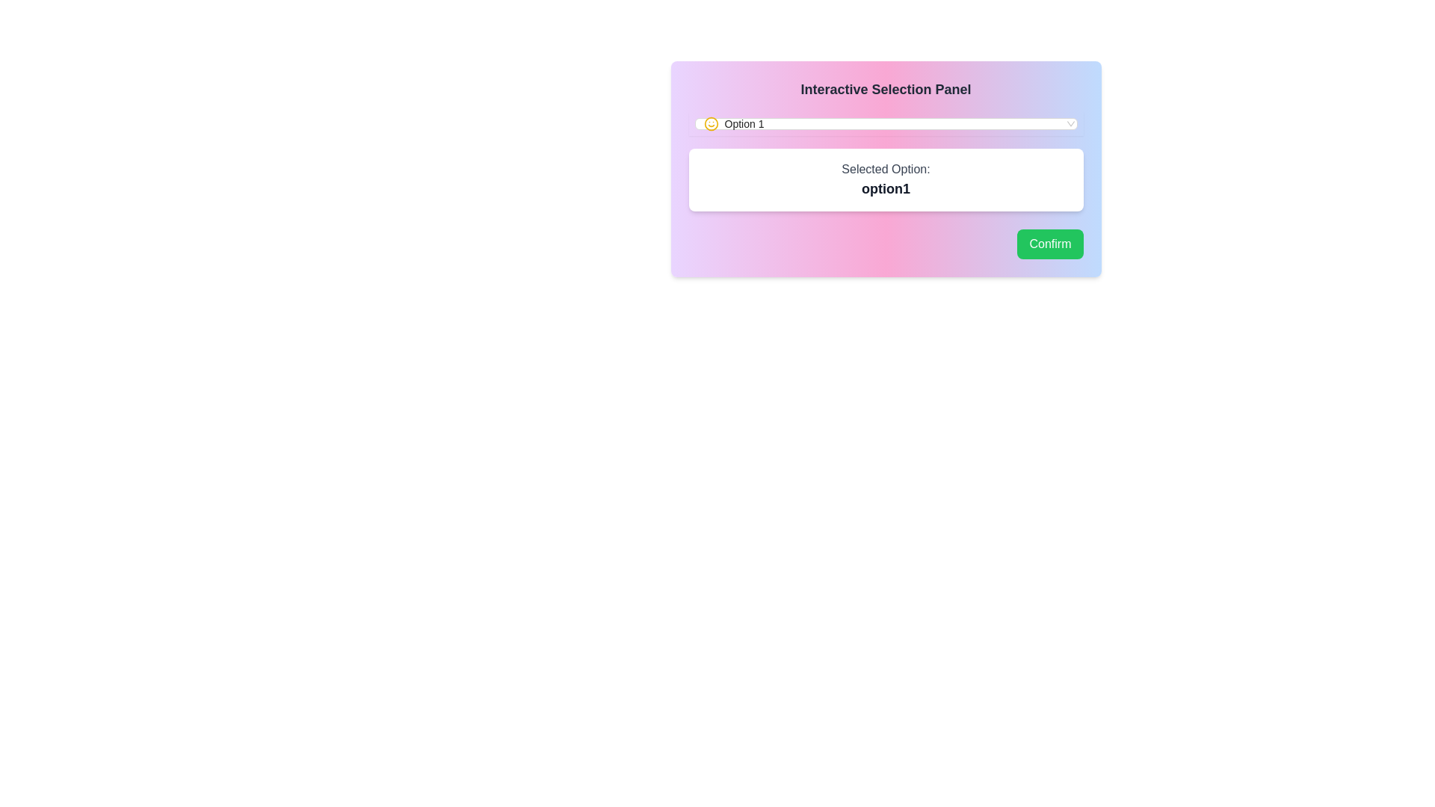 The height and width of the screenshot is (807, 1435). Describe the element at coordinates (1070, 123) in the screenshot. I see `the dropdown indicator icon located in the top-right corner of the 'Option 1' dropdown` at that location.